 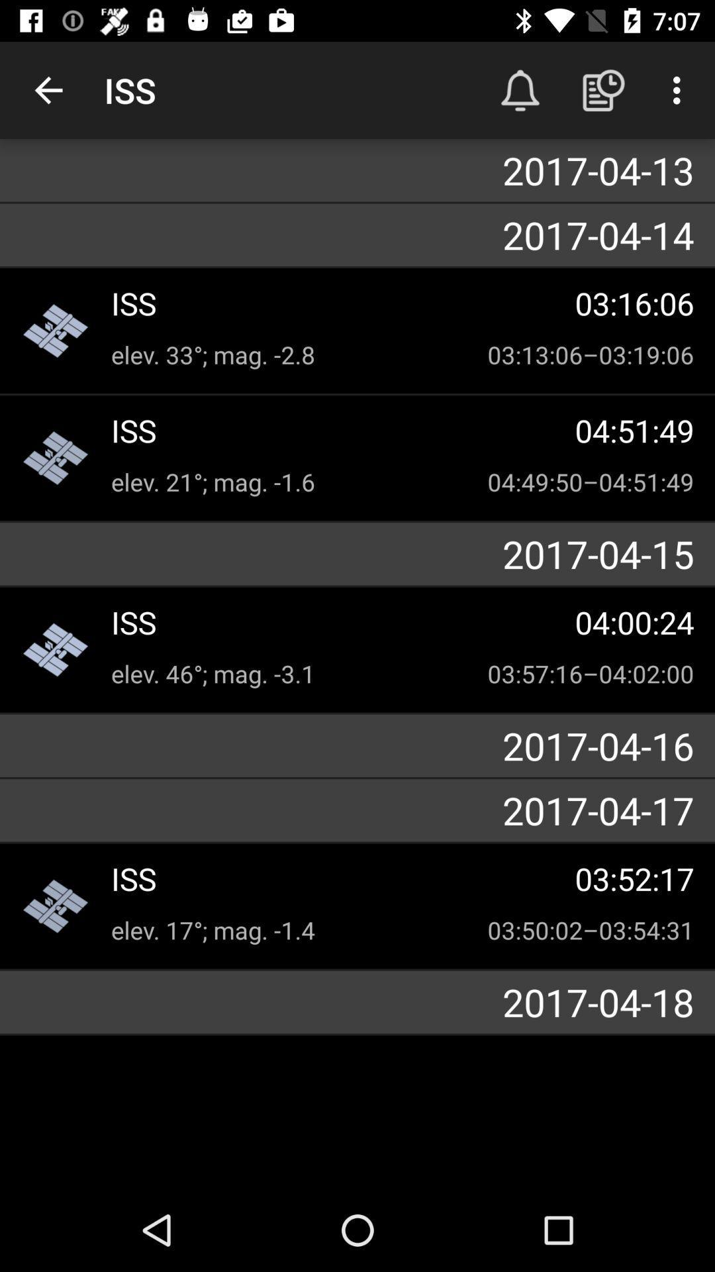 What do you see at coordinates (48, 89) in the screenshot?
I see `icon above the 2017-04-13 icon` at bounding box center [48, 89].